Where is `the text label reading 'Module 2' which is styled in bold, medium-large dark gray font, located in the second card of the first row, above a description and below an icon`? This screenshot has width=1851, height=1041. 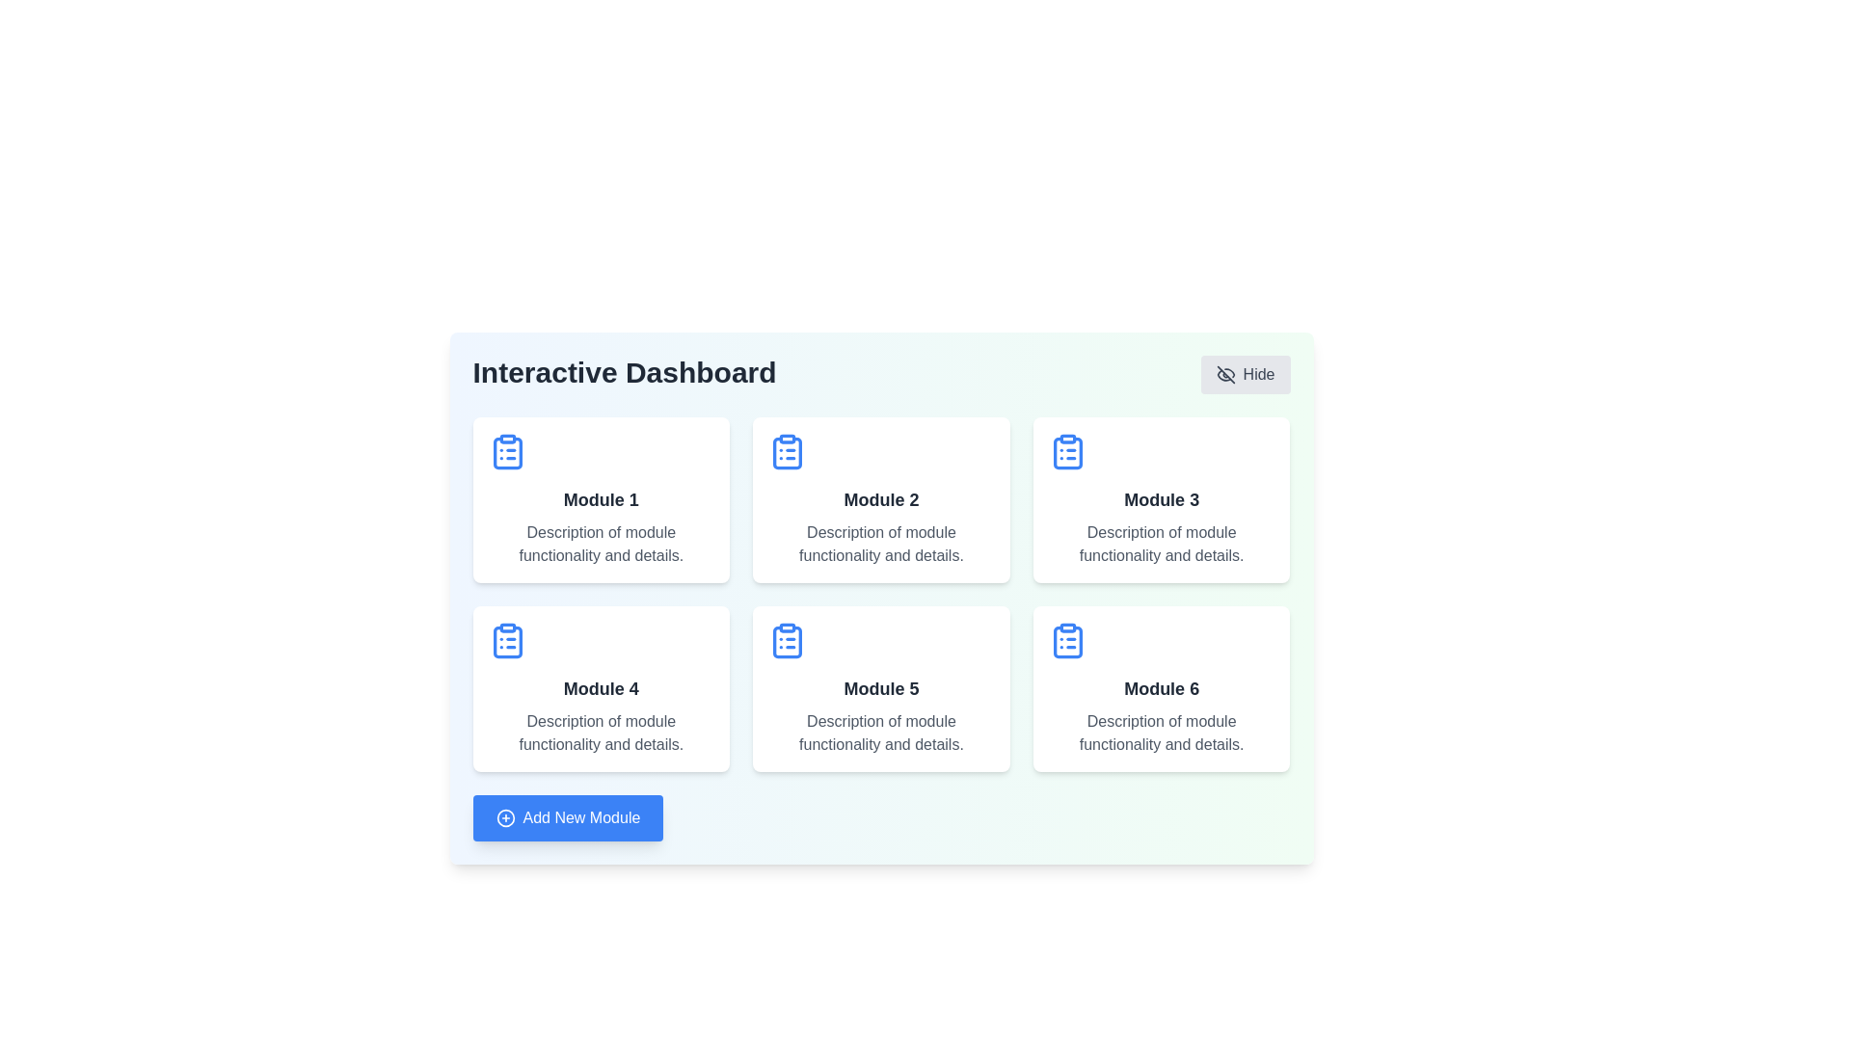
the text label reading 'Module 2' which is styled in bold, medium-large dark gray font, located in the second card of the first row, above a description and below an icon is located at coordinates (880, 499).